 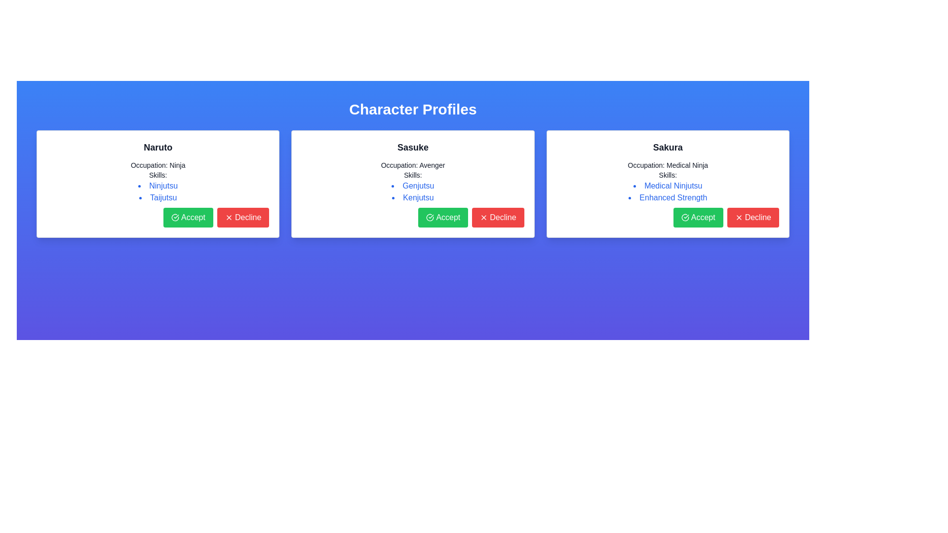 What do you see at coordinates (442, 217) in the screenshot?
I see `the 'Accept' button with a green background and checkmark icon located in the profile card for 'Sasuke'` at bounding box center [442, 217].